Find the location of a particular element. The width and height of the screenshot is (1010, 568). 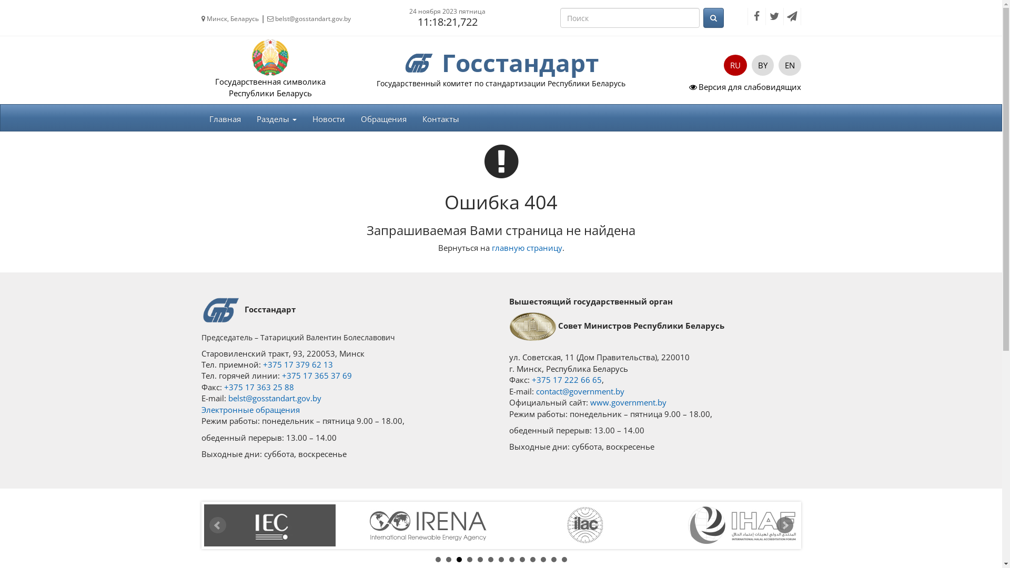

'Twitter' is located at coordinates (773, 16).